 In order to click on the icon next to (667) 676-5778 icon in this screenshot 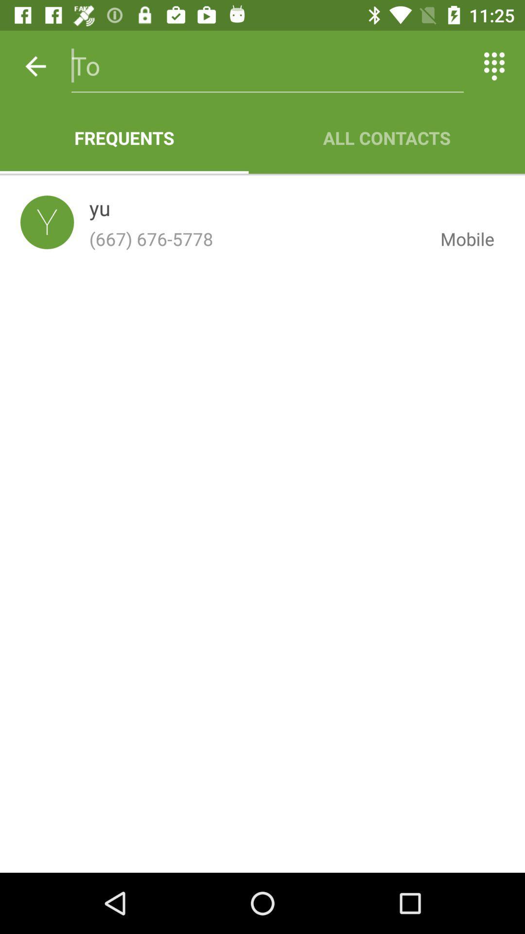, I will do `click(459, 239)`.